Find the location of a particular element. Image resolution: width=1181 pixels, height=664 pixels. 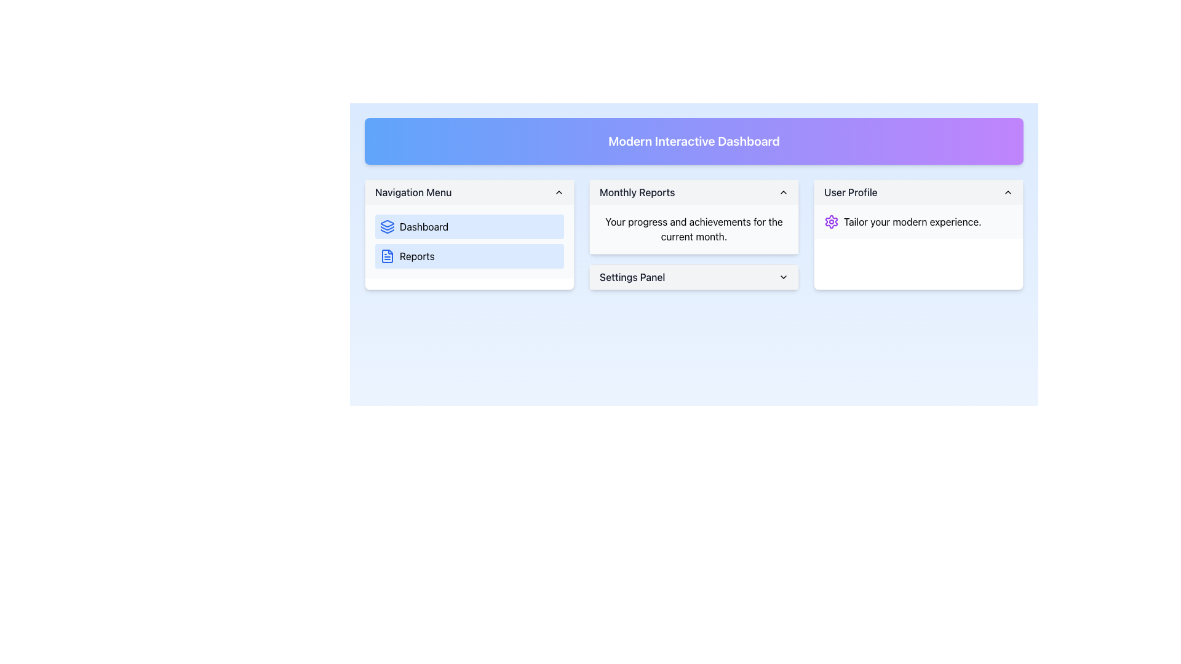

the 'Dashboard' link within the navigation card located in the first column of the grid layout is located at coordinates (469, 234).